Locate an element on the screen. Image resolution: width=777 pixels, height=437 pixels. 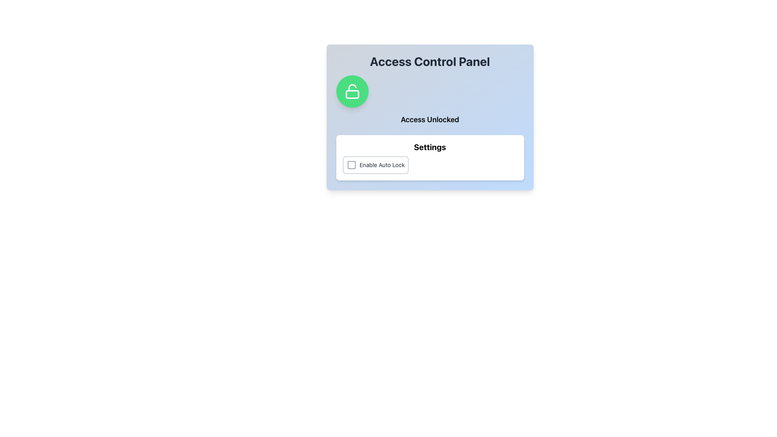
the 'Auto Lock' checkbox located in the 'Settings' section of the 'Access Control Panel' is located at coordinates (375, 165).